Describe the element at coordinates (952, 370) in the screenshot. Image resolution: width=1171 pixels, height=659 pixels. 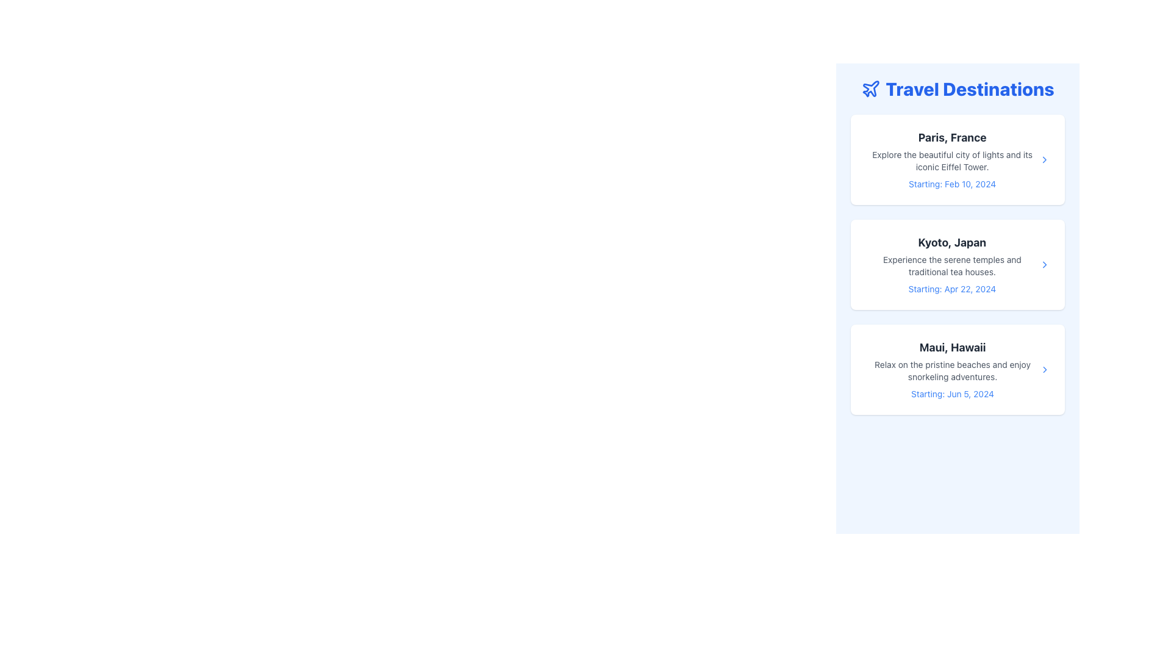
I see `the static text that reads 'Relax on the pristine beaches and enjoy snorkeling adventures.' located below the title 'Maui, Hawaii' and above the text 'Starting: Jun 5, 2024.'` at that location.